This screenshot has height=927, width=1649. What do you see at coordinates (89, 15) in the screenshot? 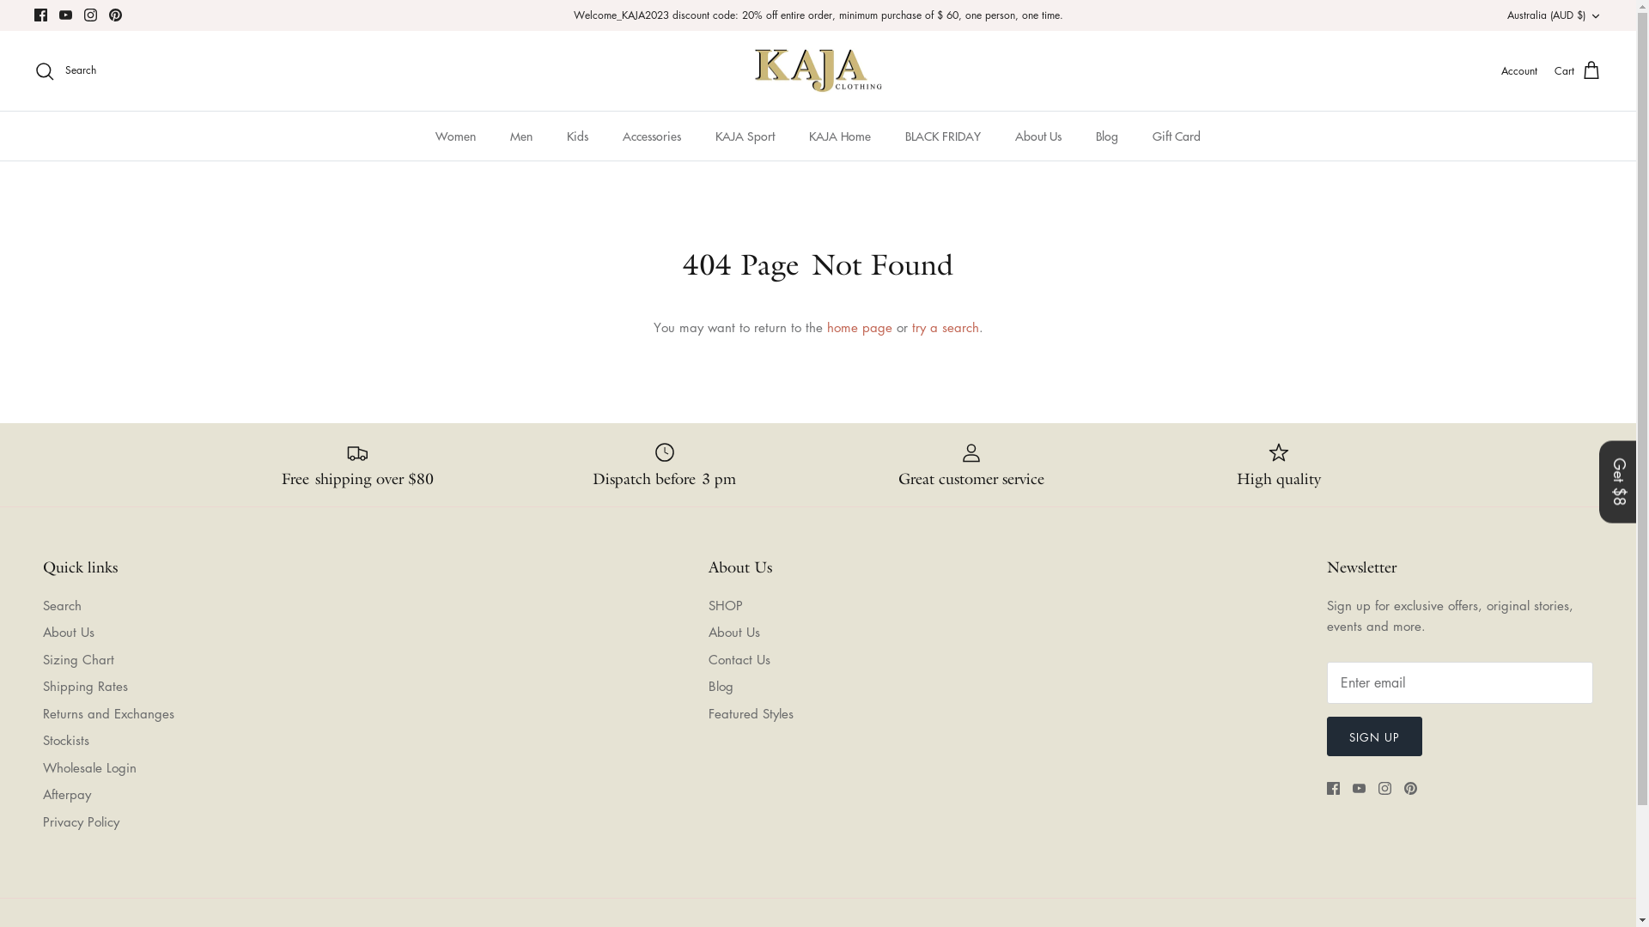
I see `'Instagram'` at bounding box center [89, 15].